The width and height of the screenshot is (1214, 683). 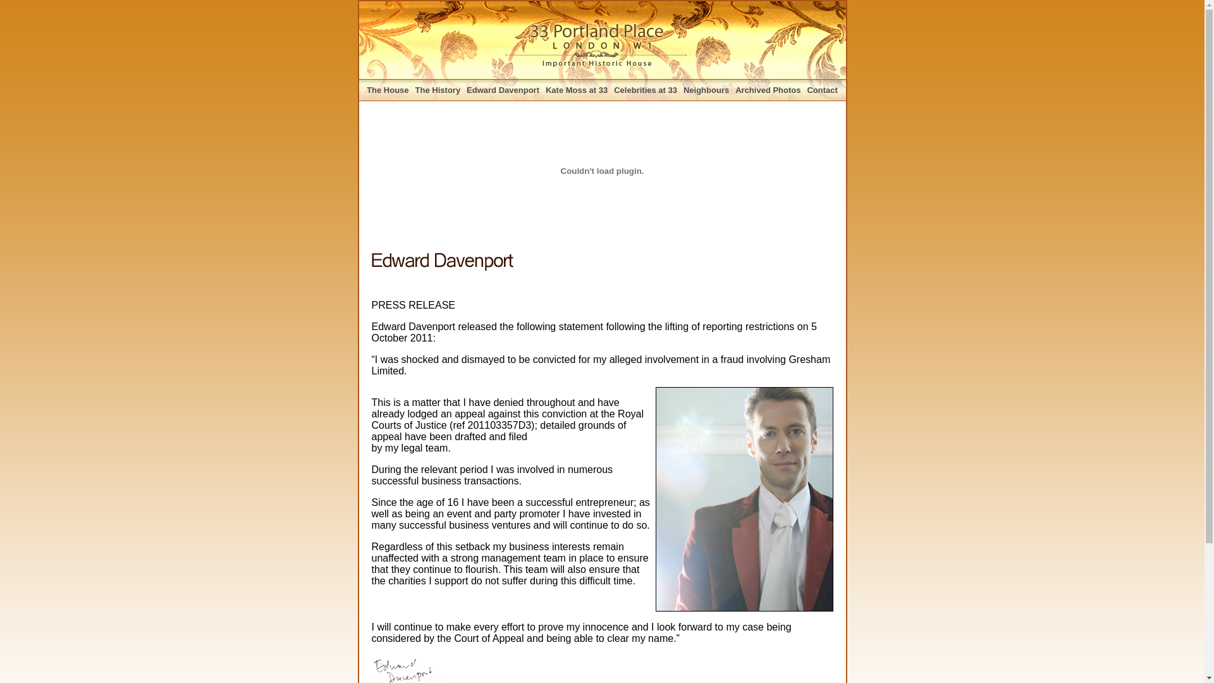 What do you see at coordinates (822, 89) in the screenshot?
I see `'Contact'` at bounding box center [822, 89].